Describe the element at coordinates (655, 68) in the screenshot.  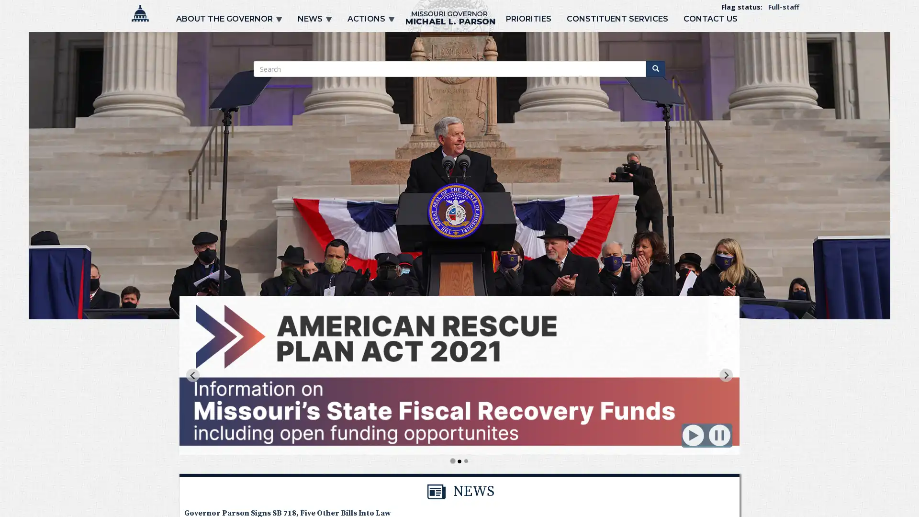
I see `Search` at that location.